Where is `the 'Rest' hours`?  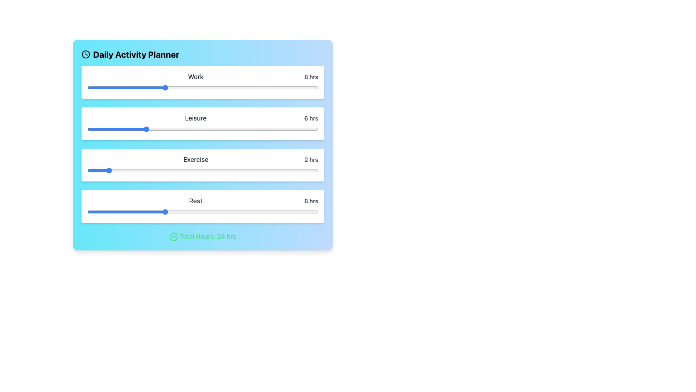
the 'Rest' hours is located at coordinates (251, 212).